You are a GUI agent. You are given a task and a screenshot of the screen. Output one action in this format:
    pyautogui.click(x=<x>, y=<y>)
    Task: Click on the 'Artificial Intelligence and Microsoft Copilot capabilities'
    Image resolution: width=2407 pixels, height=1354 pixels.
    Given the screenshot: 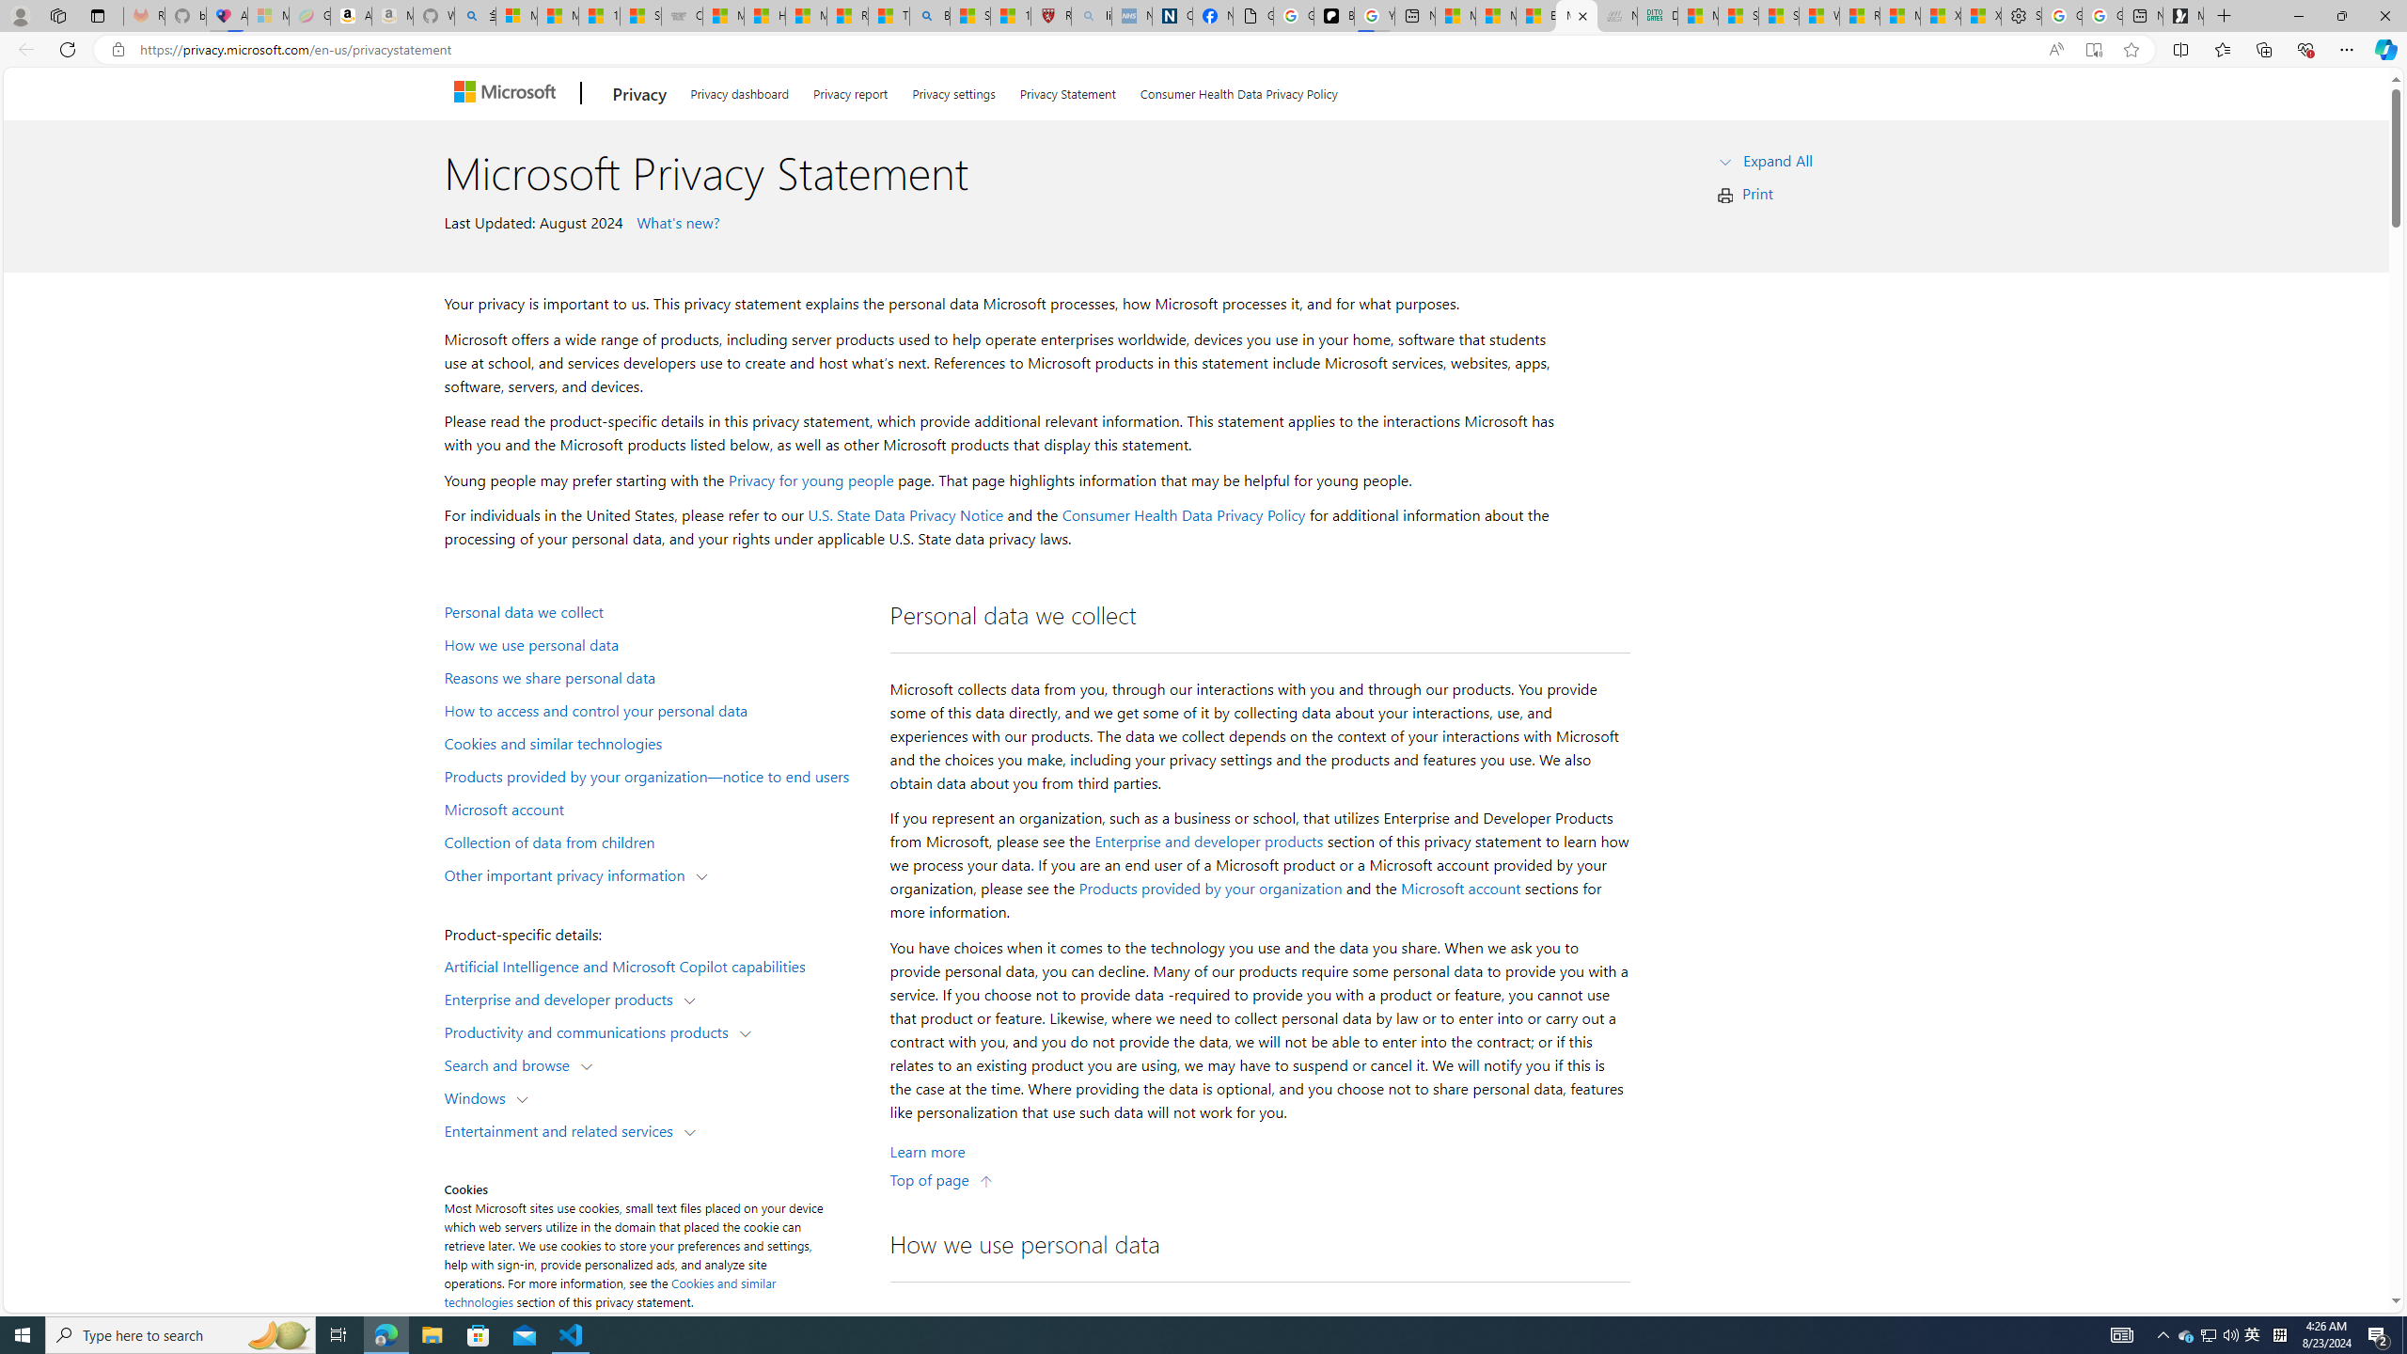 What is the action you would take?
    pyautogui.click(x=654, y=965)
    